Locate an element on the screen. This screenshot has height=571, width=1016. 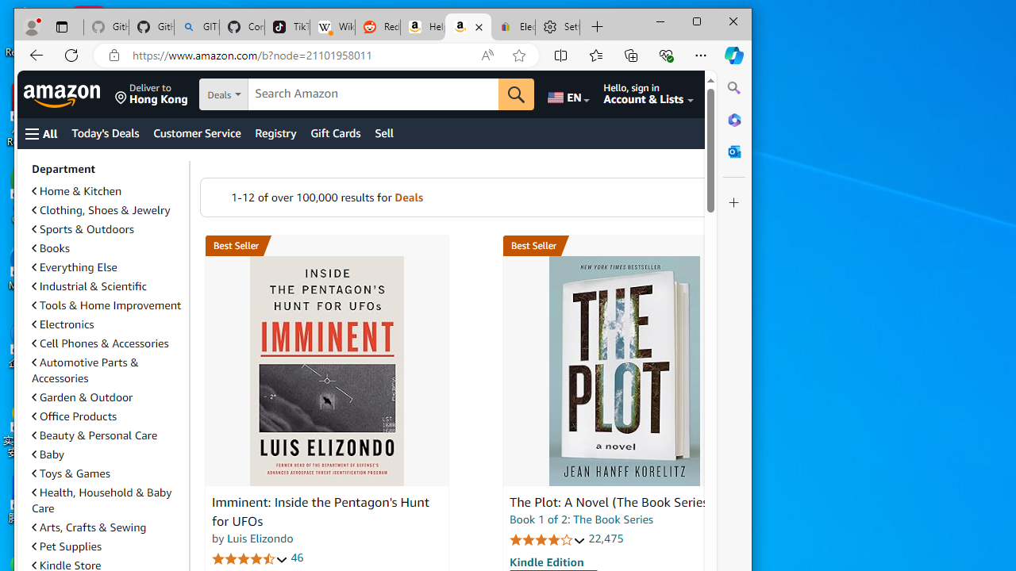
'Search Amazon' is located at coordinates (373, 94).